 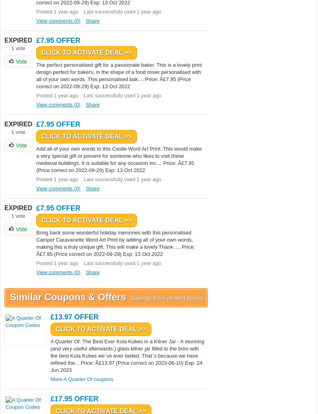 What do you see at coordinates (74, 399) in the screenshot?
I see `'£17.95 OFFER'` at bounding box center [74, 399].